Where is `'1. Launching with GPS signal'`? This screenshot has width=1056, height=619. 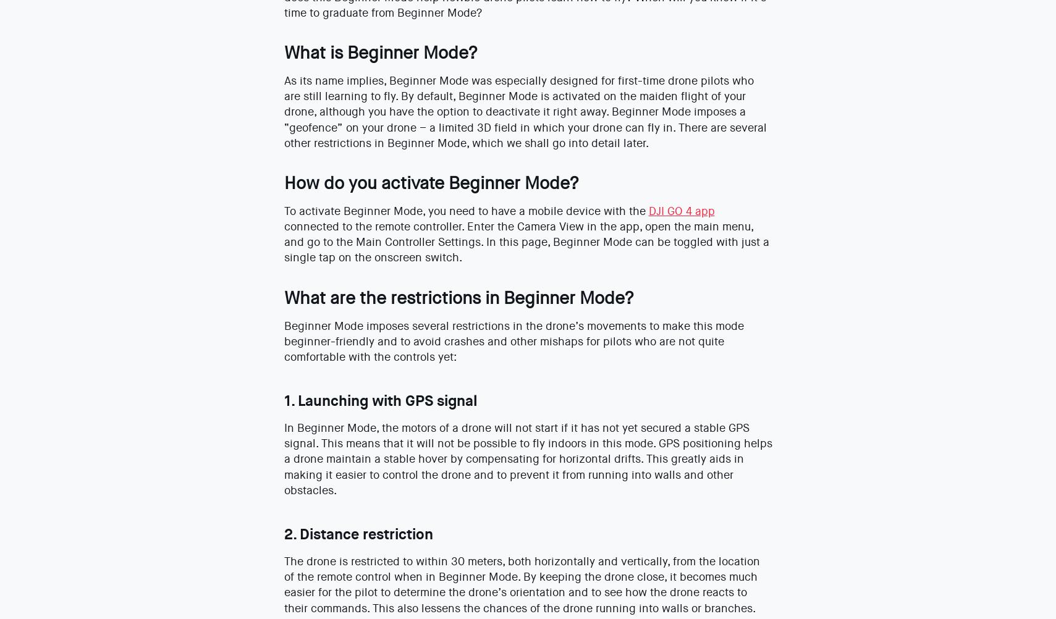 '1. Launching with GPS signal' is located at coordinates (283, 400).